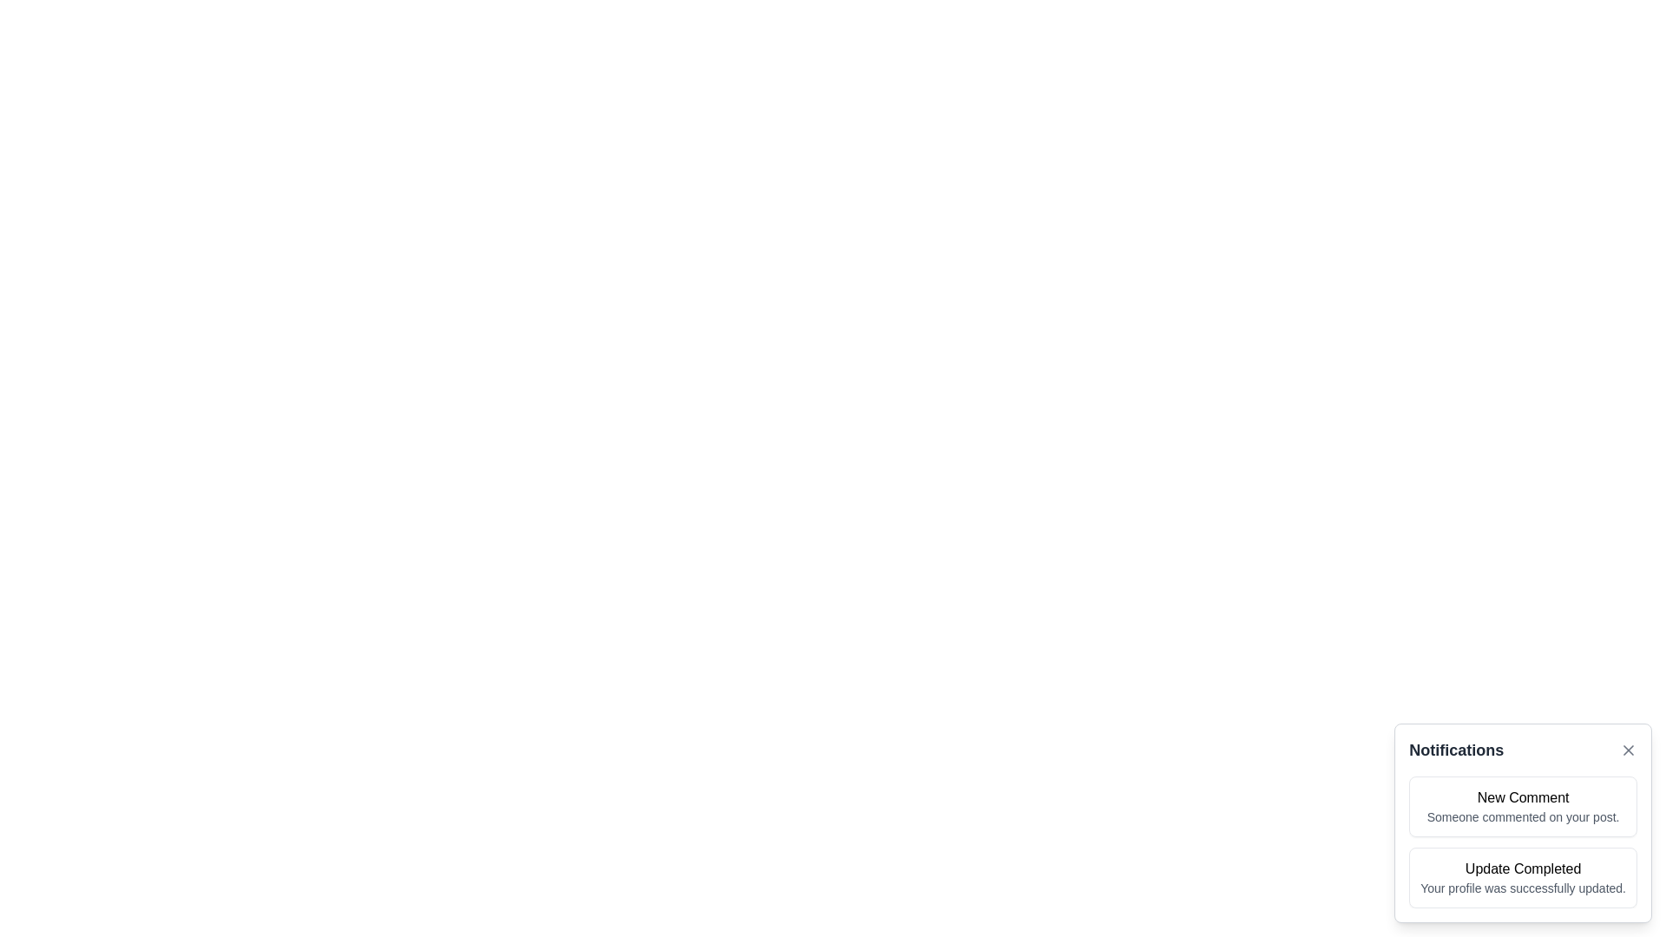  I want to click on the 'Notifications' text element, which is prominently displayed in a large, semi-bold gray font at the top-left corner of the notification display pane, so click(1456, 749).